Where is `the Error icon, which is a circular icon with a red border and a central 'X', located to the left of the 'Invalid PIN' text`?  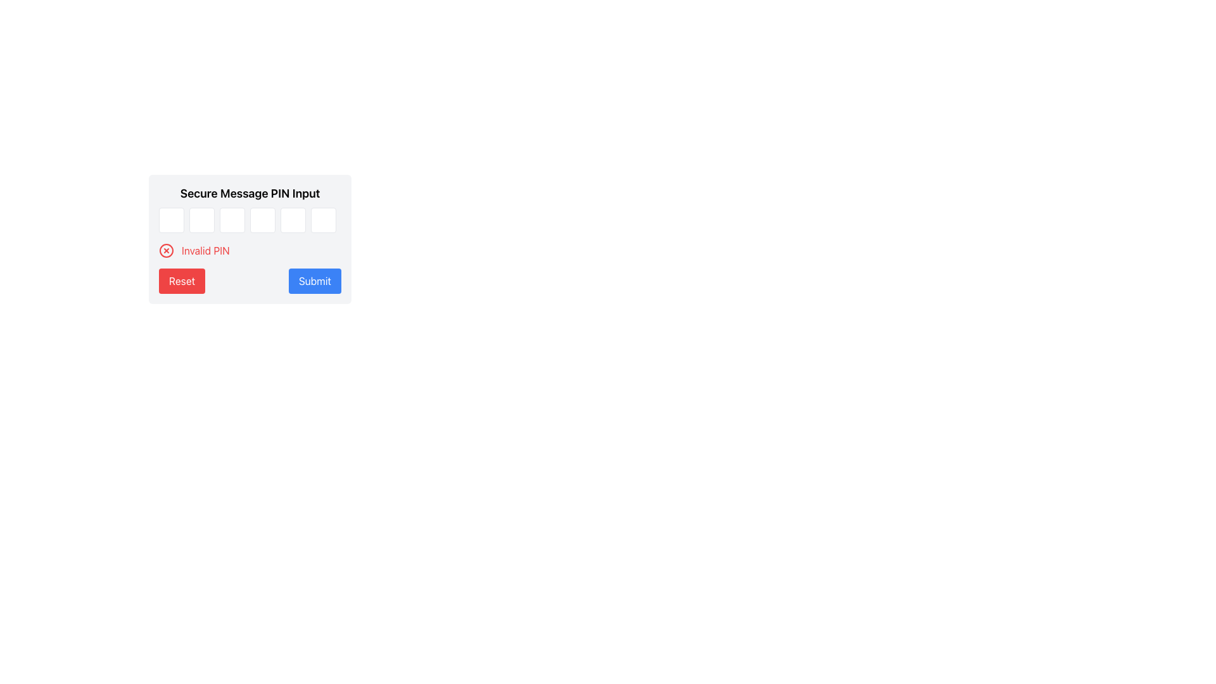 the Error icon, which is a circular icon with a red border and a central 'X', located to the left of the 'Invalid PIN' text is located at coordinates (166, 251).